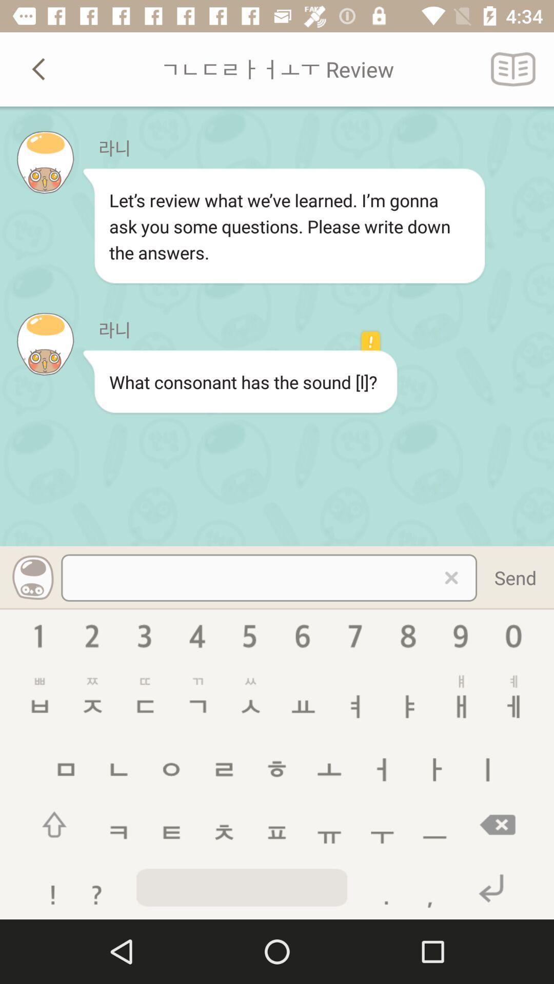 This screenshot has height=984, width=554. What do you see at coordinates (223, 762) in the screenshot?
I see `the menu icon` at bounding box center [223, 762].